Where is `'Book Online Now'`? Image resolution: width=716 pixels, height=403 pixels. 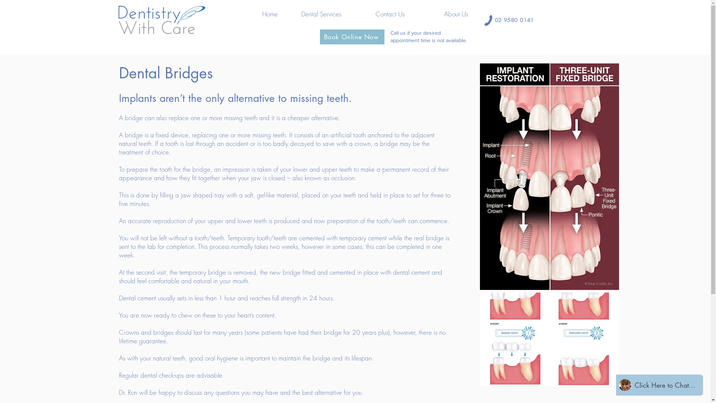
'Book Online Now' is located at coordinates (320, 37).